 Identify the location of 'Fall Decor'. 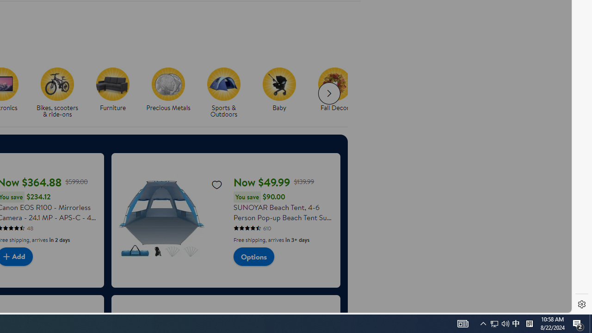
(338, 93).